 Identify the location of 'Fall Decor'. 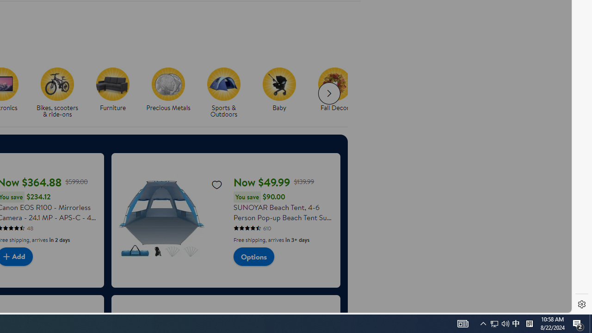
(338, 93).